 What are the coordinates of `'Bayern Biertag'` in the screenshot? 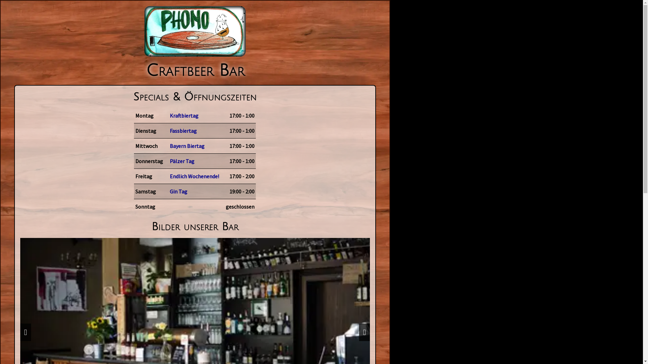 It's located at (194, 145).